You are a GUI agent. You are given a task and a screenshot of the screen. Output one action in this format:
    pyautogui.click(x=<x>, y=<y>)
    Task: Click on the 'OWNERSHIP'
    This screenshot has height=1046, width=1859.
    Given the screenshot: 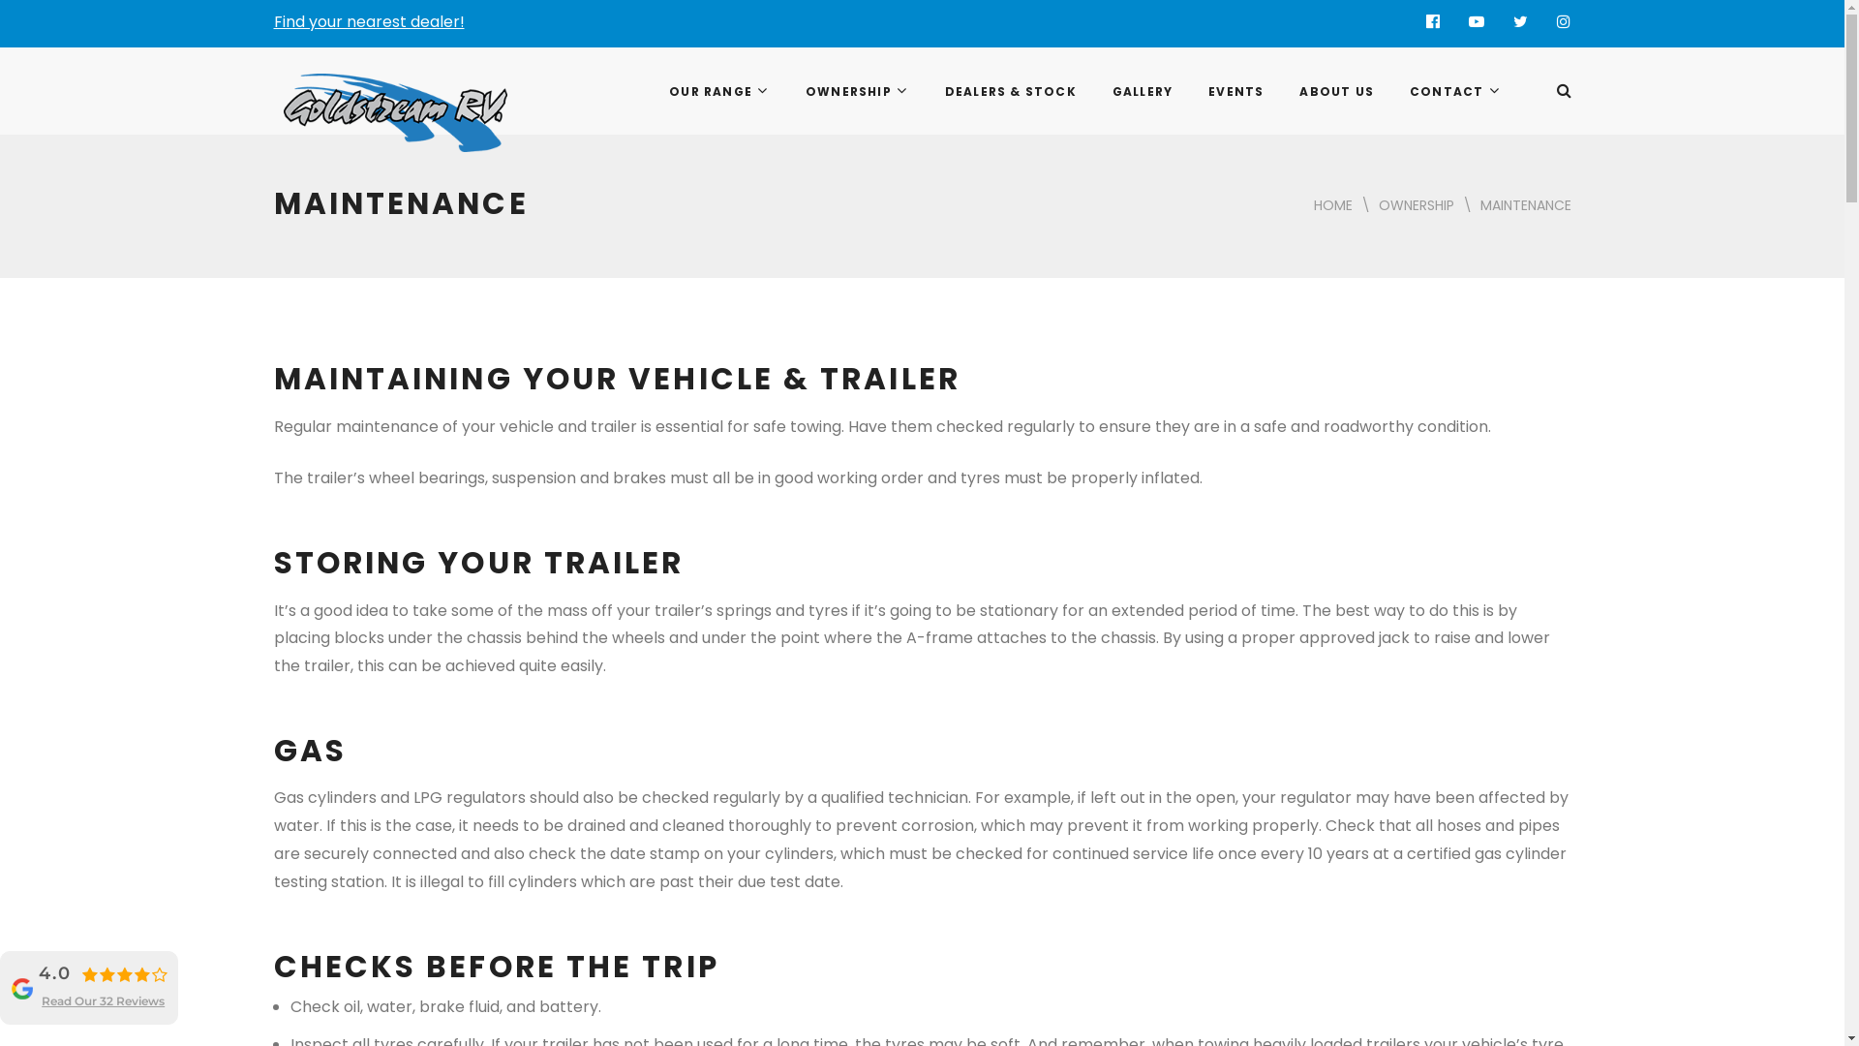 What is the action you would take?
    pyautogui.click(x=1378, y=205)
    